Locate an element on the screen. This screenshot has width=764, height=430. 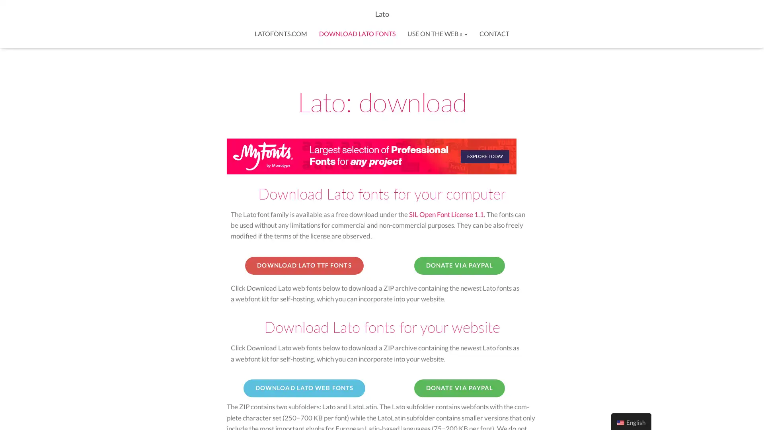
DONATE VIA PAYPAL is located at coordinates (459, 266).